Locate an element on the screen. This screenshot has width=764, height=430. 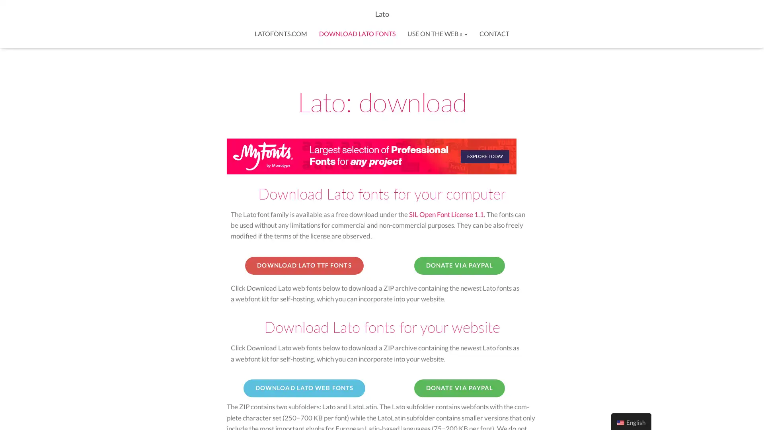
DONATE VIA PAYPAL is located at coordinates (459, 266).